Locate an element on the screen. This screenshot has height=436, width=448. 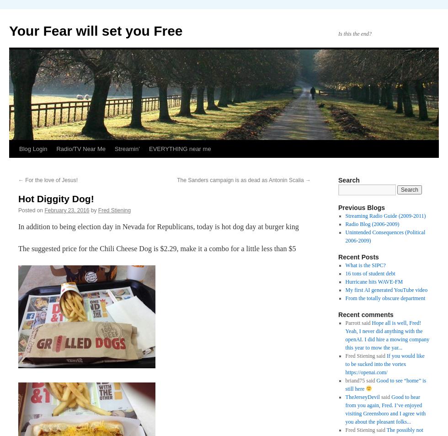
'The suggested price for the Chili Cheese Dog is $2.29, make it a combo for a little less than $5' is located at coordinates (157, 248).